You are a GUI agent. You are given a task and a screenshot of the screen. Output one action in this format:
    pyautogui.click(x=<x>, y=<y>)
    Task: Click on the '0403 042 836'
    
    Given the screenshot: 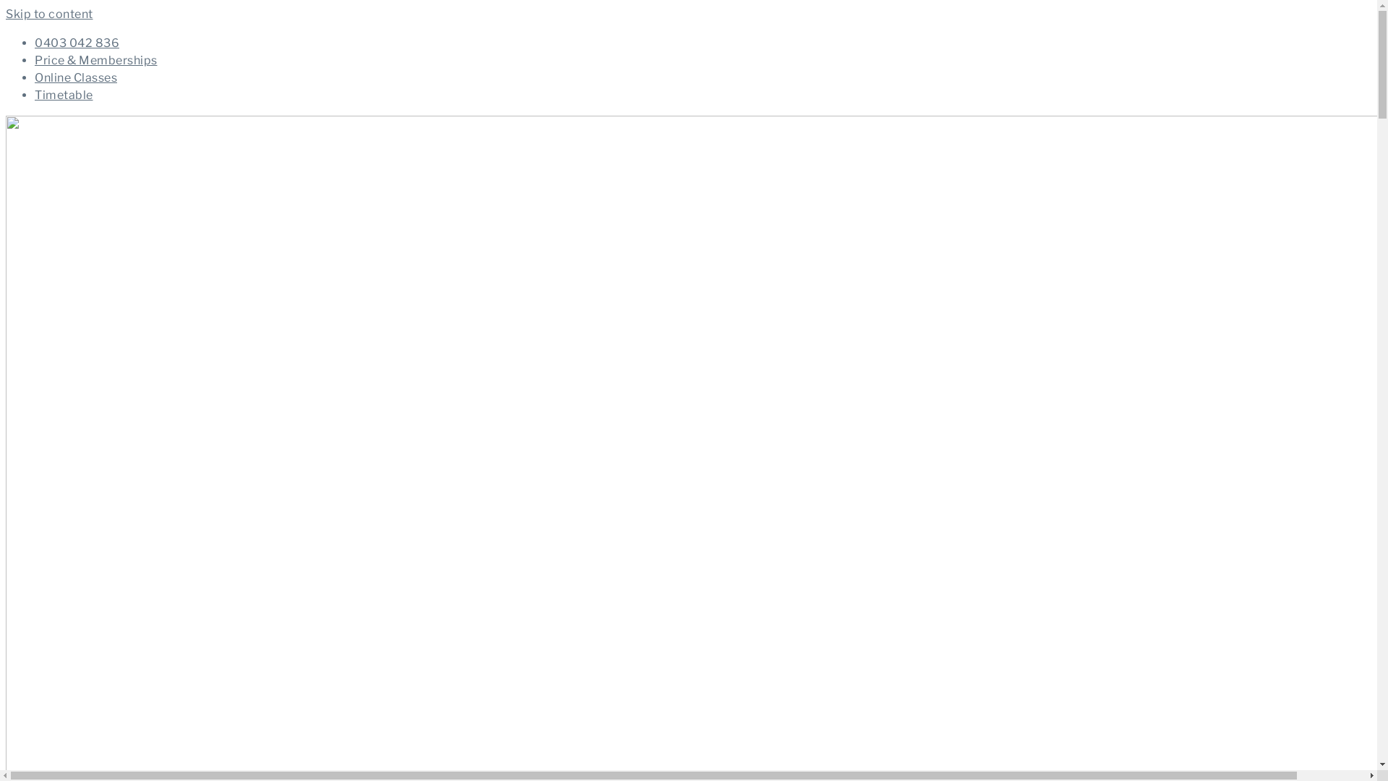 What is the action you would take?
    pyautogui.click(x=76, y=42)
    